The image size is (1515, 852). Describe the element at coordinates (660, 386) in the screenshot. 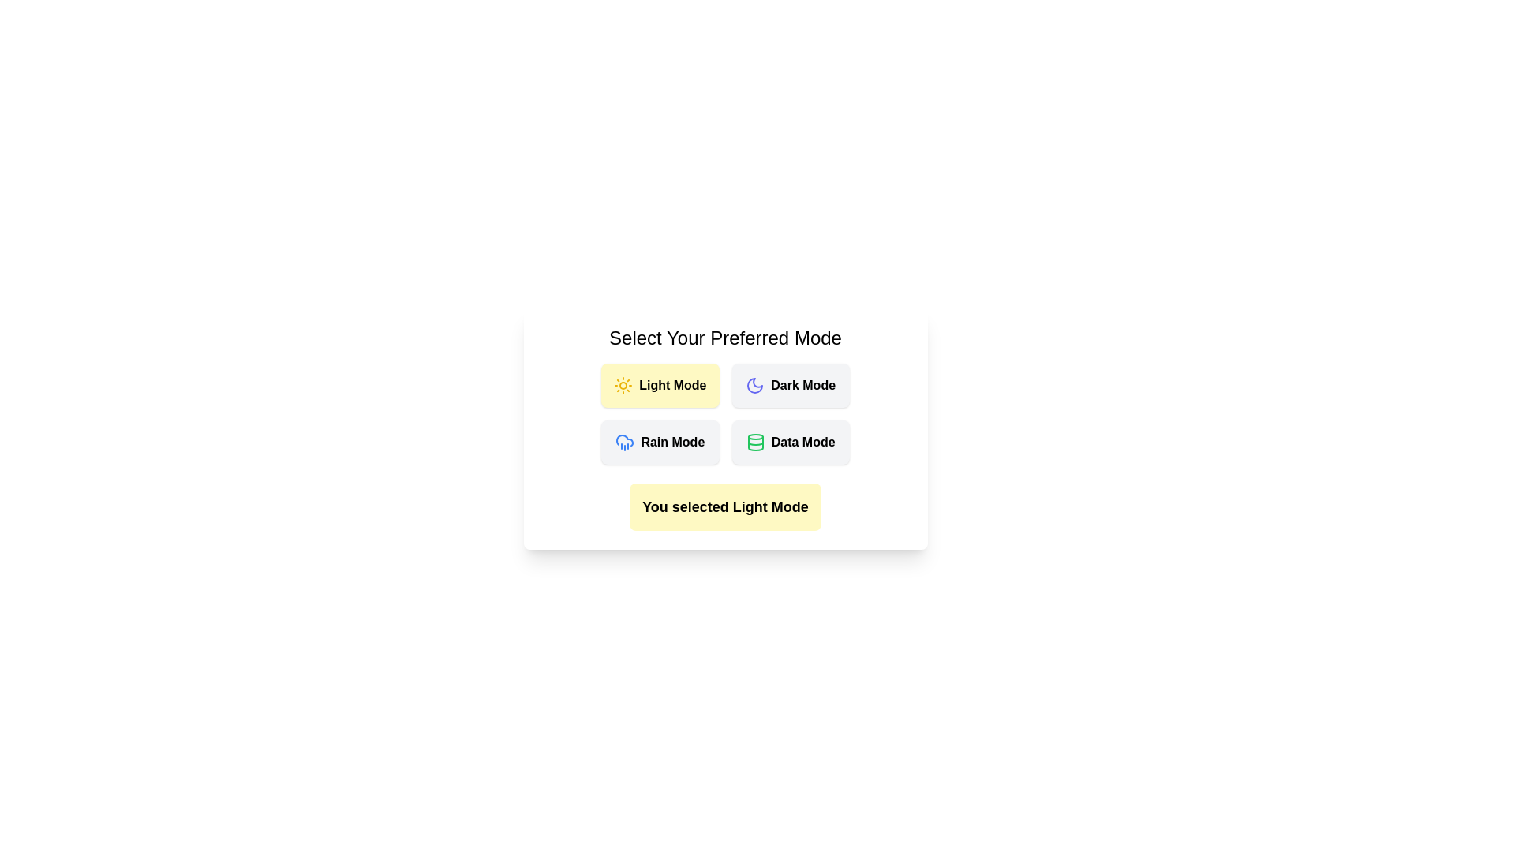

I see `the rectangular button with rounded corners that has a light-yellow background and the text 'Light Mode' next to a sun icon` at that location.